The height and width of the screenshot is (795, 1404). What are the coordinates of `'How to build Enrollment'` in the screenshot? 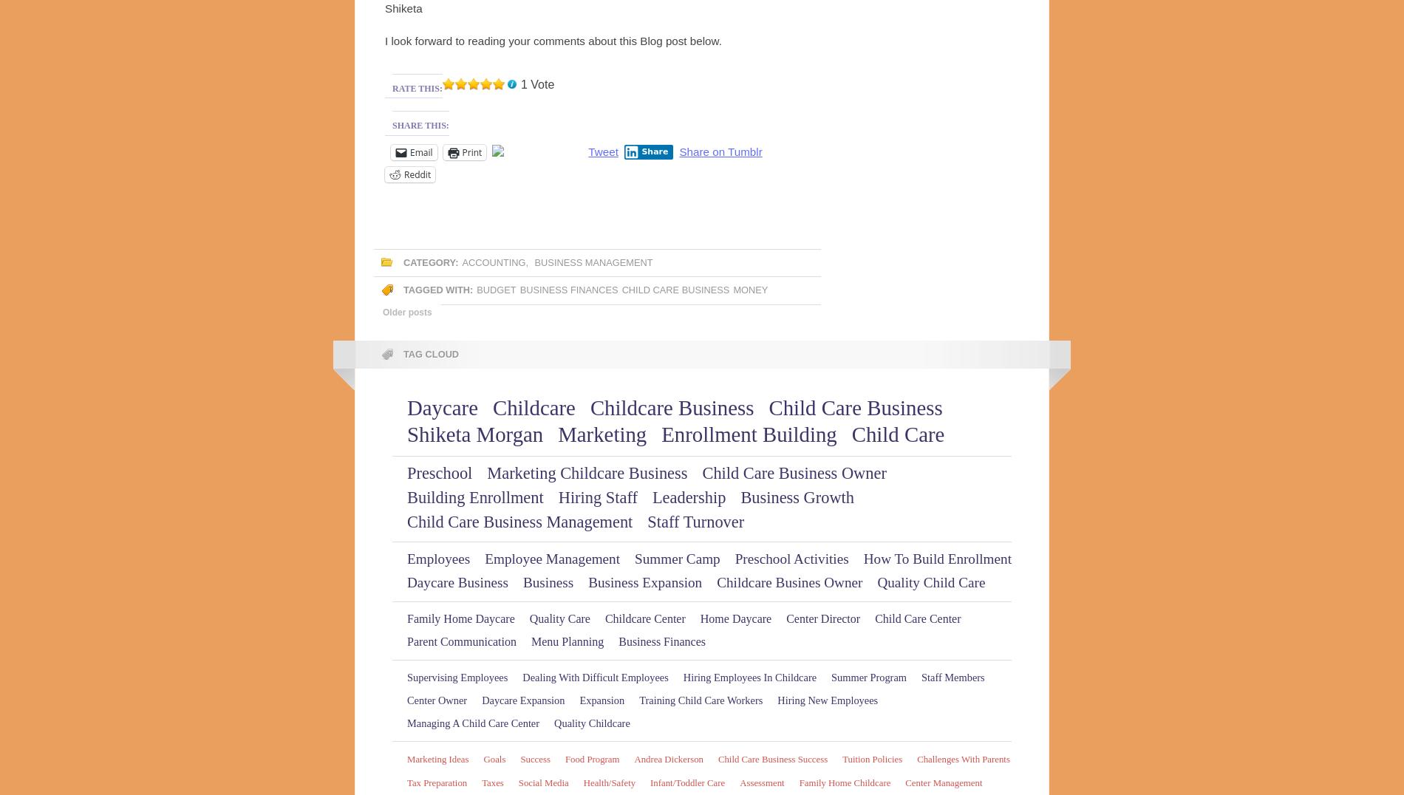 It's located at (862, 557).